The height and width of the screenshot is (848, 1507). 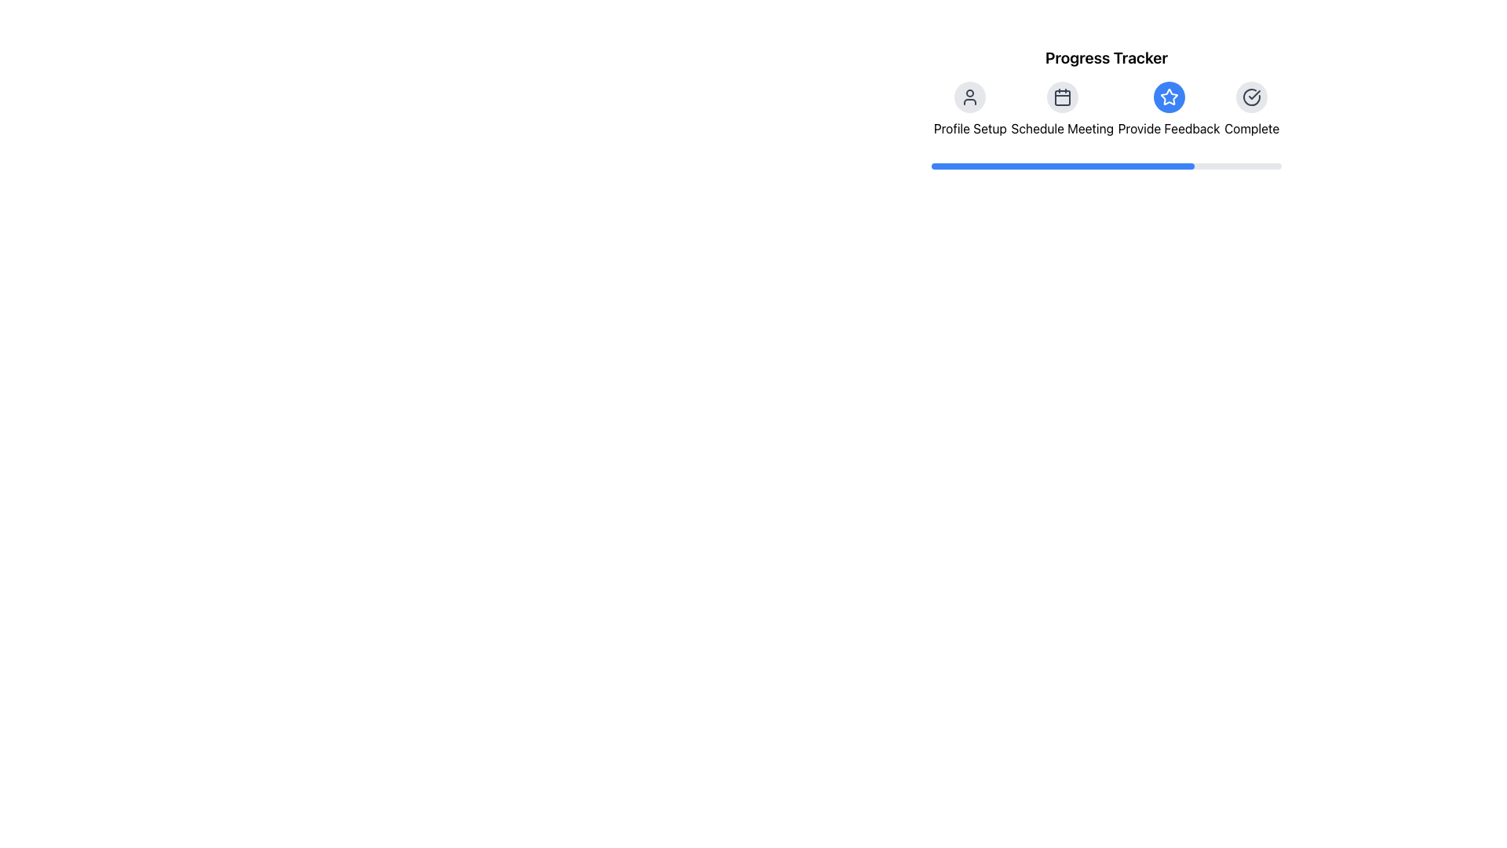 What do you see at coordinates (969, 128) in the screenshot?
I see `text label 'Profile Setup' which is displayed in a clean sans-serif font, located directly below the user profile icon in the navigation bar` at bounding box center [969, 128].